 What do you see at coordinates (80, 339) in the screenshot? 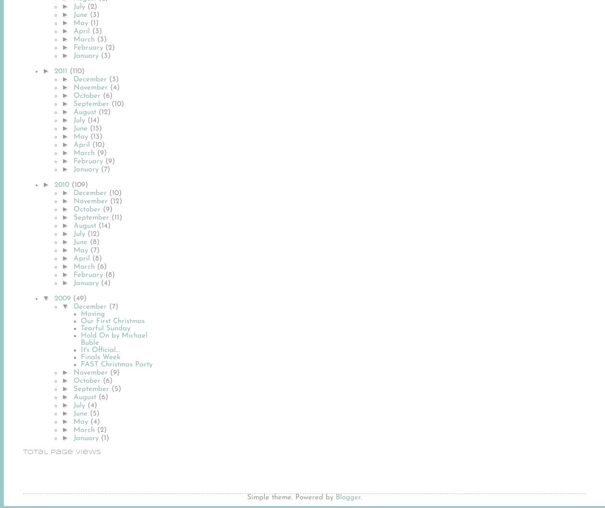
I see `'Hold On by Michael Buble'` at bounding box center [80, 339].